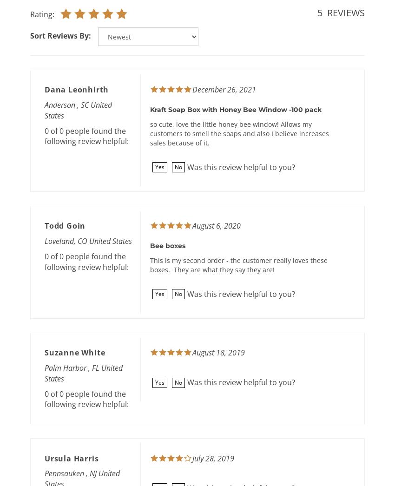  What do you see at coordinates (192, 89) in the screenshot?
I see `'December 26, 2021'` at bounding box center [192, 89].